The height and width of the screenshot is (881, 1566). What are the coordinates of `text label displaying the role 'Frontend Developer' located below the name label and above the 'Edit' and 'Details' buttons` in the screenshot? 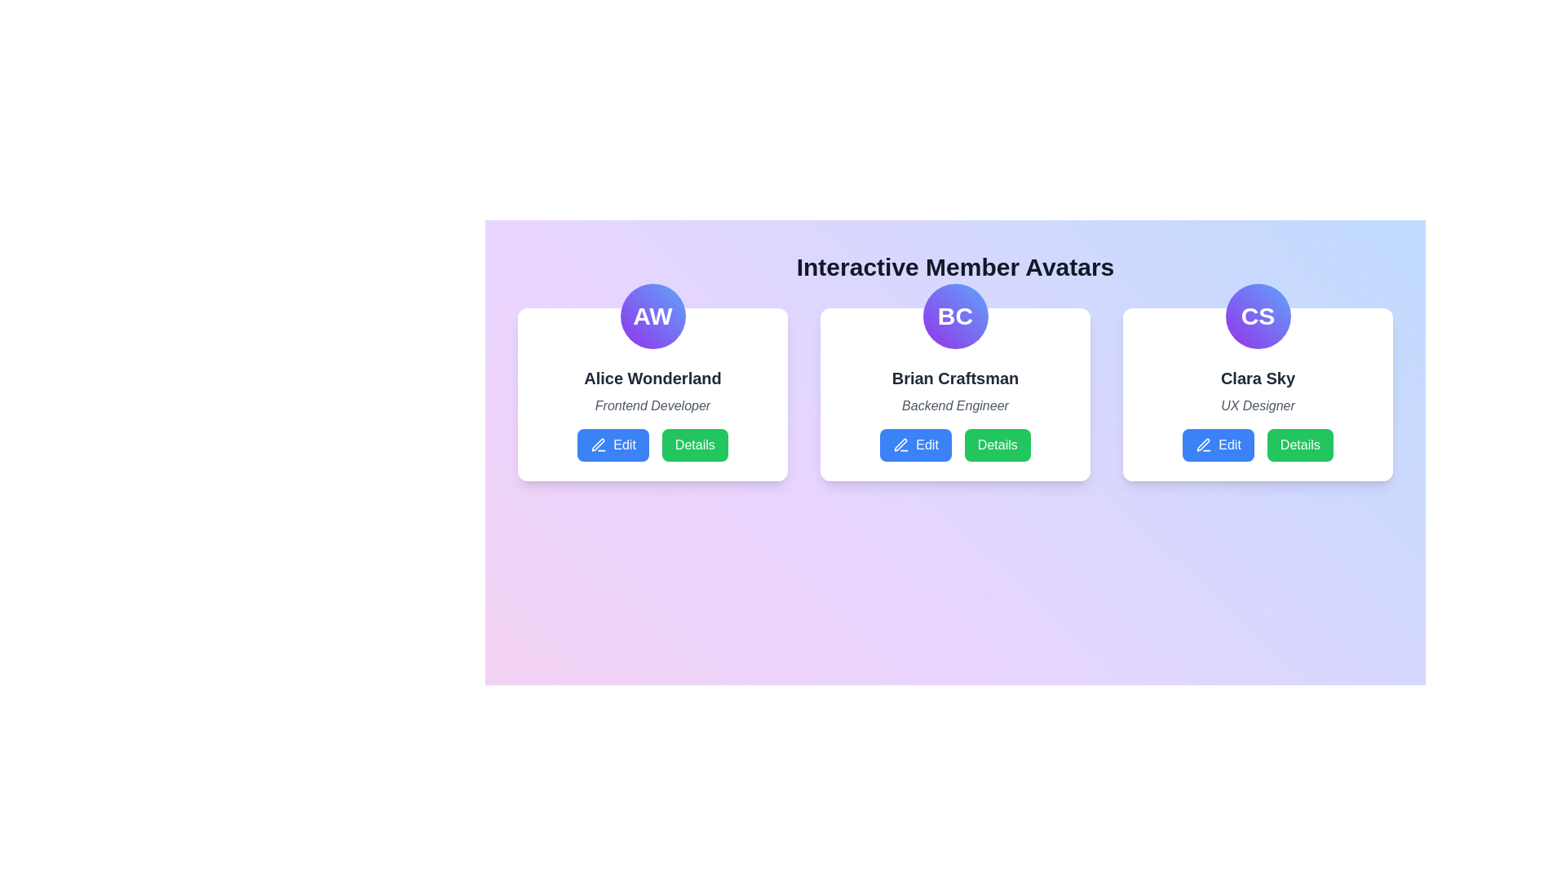 It's located at (652, 405).